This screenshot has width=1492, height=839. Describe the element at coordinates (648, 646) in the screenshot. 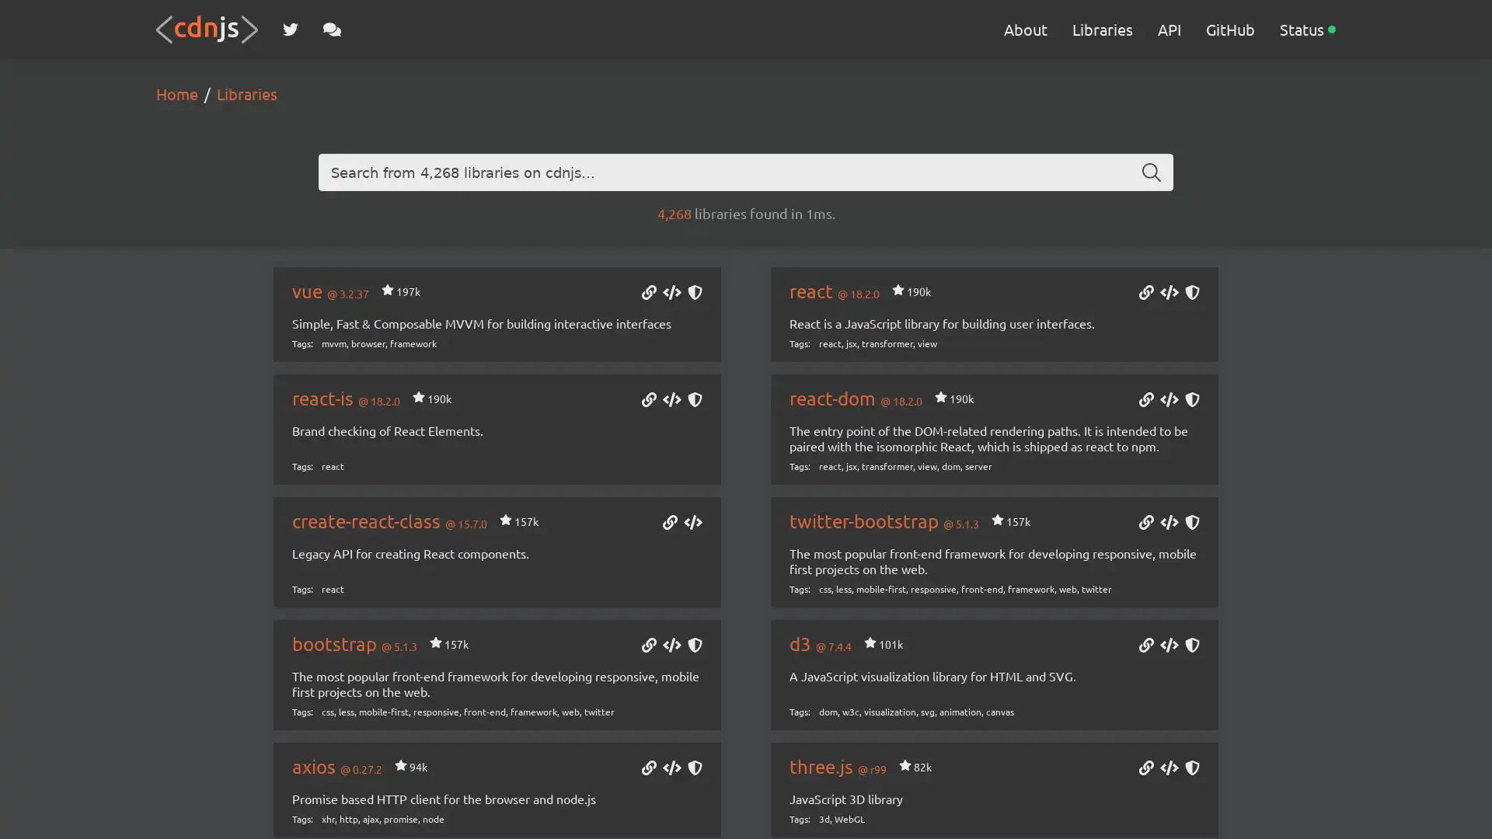

I see `Copy URL` at that location.